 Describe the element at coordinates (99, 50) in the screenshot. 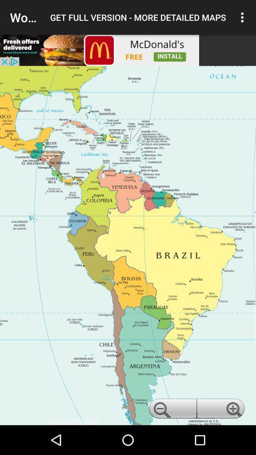

I see `advertisement area` at that location.